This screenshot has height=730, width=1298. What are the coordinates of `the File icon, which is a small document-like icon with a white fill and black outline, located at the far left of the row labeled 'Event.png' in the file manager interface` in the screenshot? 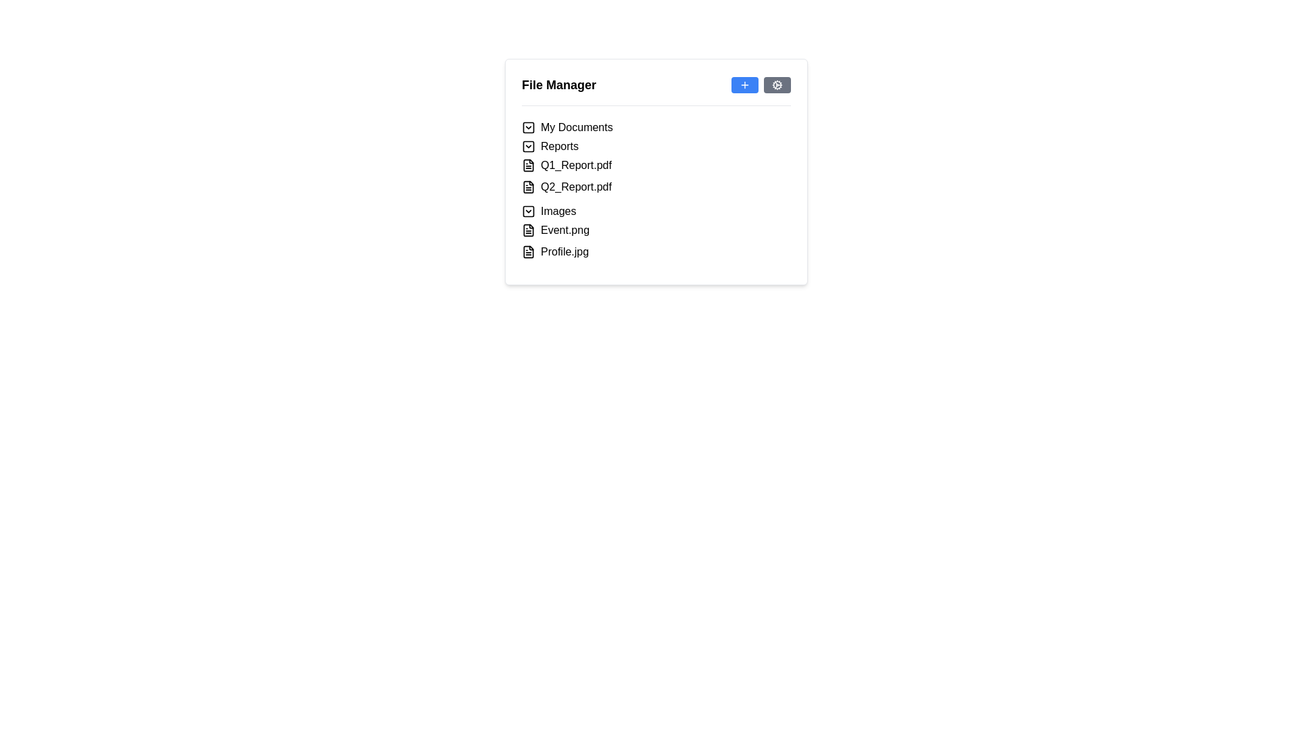 It's located at (528, 229).